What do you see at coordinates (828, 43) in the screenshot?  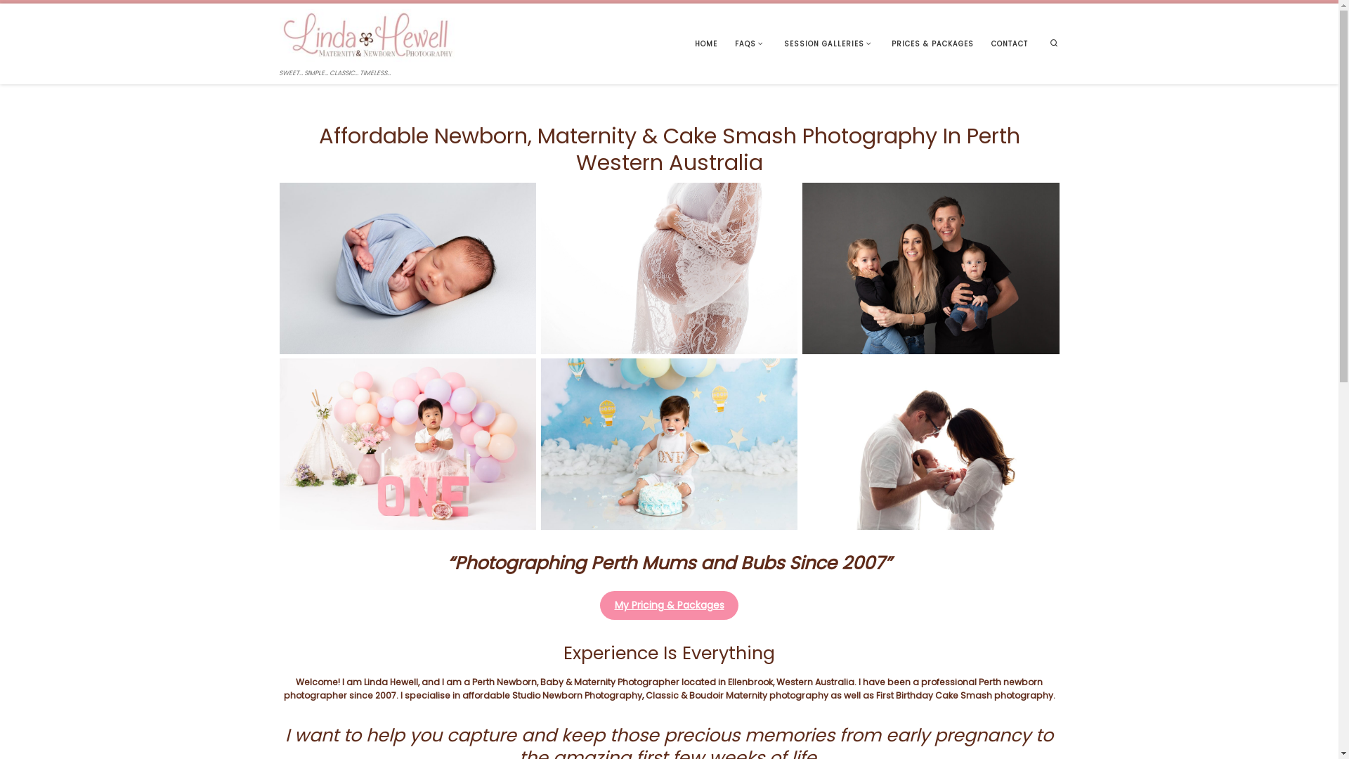 I see `'SESSION GALLERIES'` at bounding box center [828, 43].